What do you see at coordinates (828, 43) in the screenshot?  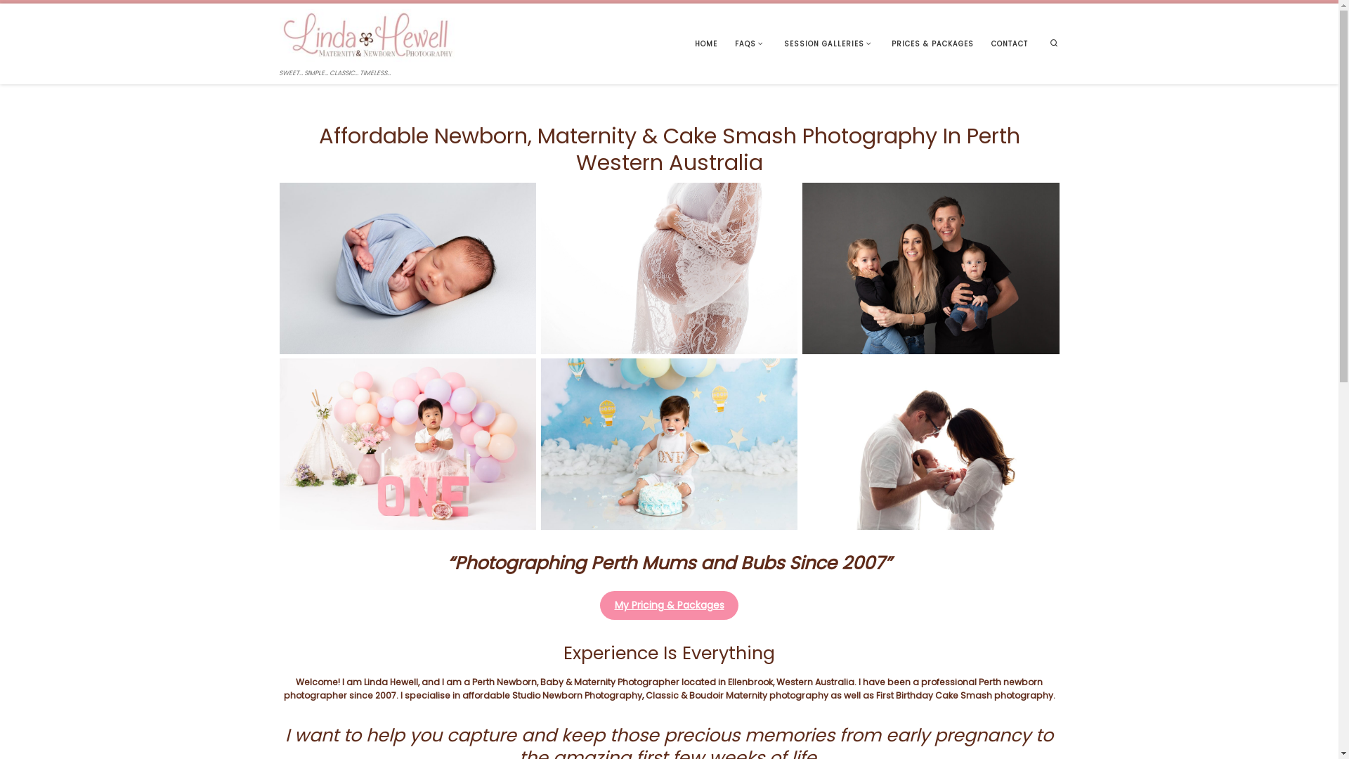 I see `'SESSION GALLERIES'` at bounding box center [828, 43].